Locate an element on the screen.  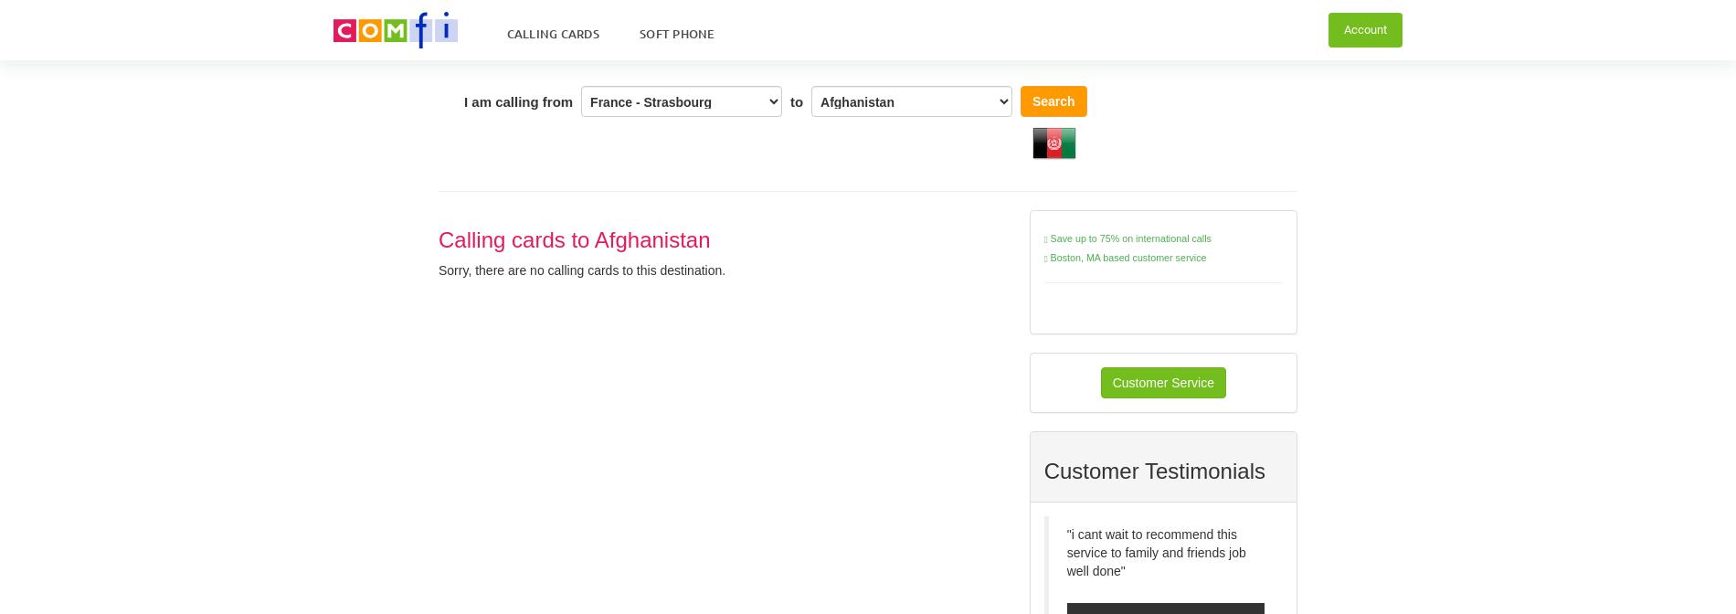
'I am calling from' is located at coordinates (518, 101).